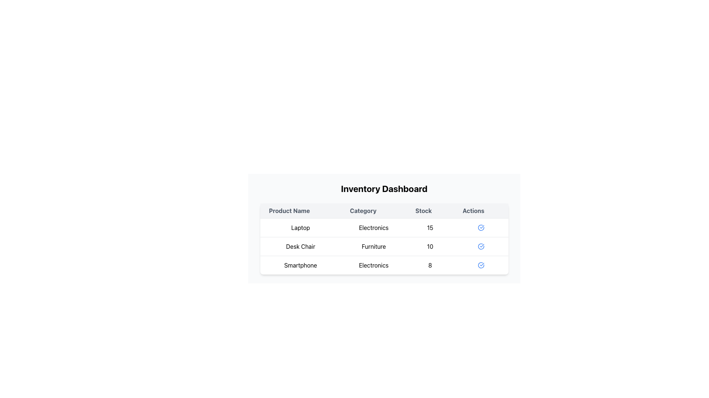  I want to click on the static text displaying the available stock quantity of 15 for the product 'Laptop', located in the third column of the first row of the table, adjacent to 'Electronics' and 'Actions', so click(430, 227).